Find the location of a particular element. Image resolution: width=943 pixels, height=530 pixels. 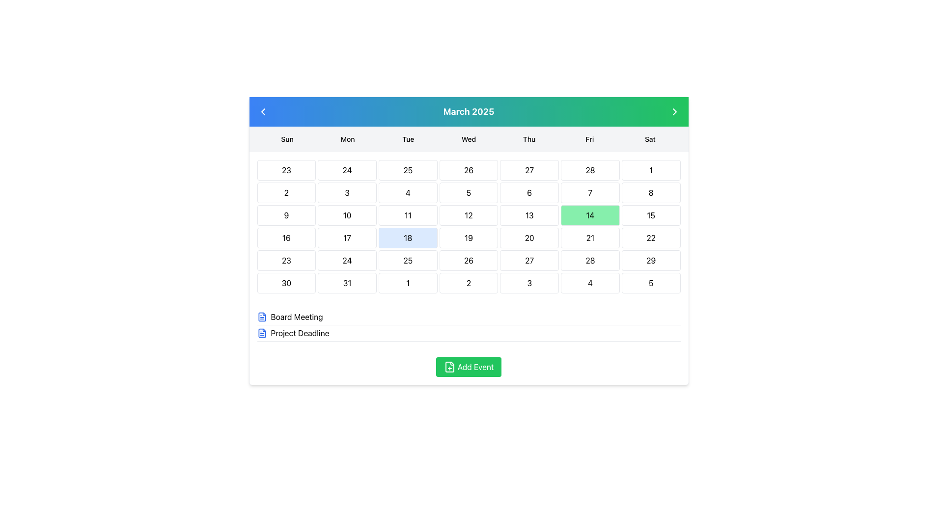

the document icon with a plus sign, which is located to the left of the 'Add Event' button and has a light green background is located at coordinates (449, 367).